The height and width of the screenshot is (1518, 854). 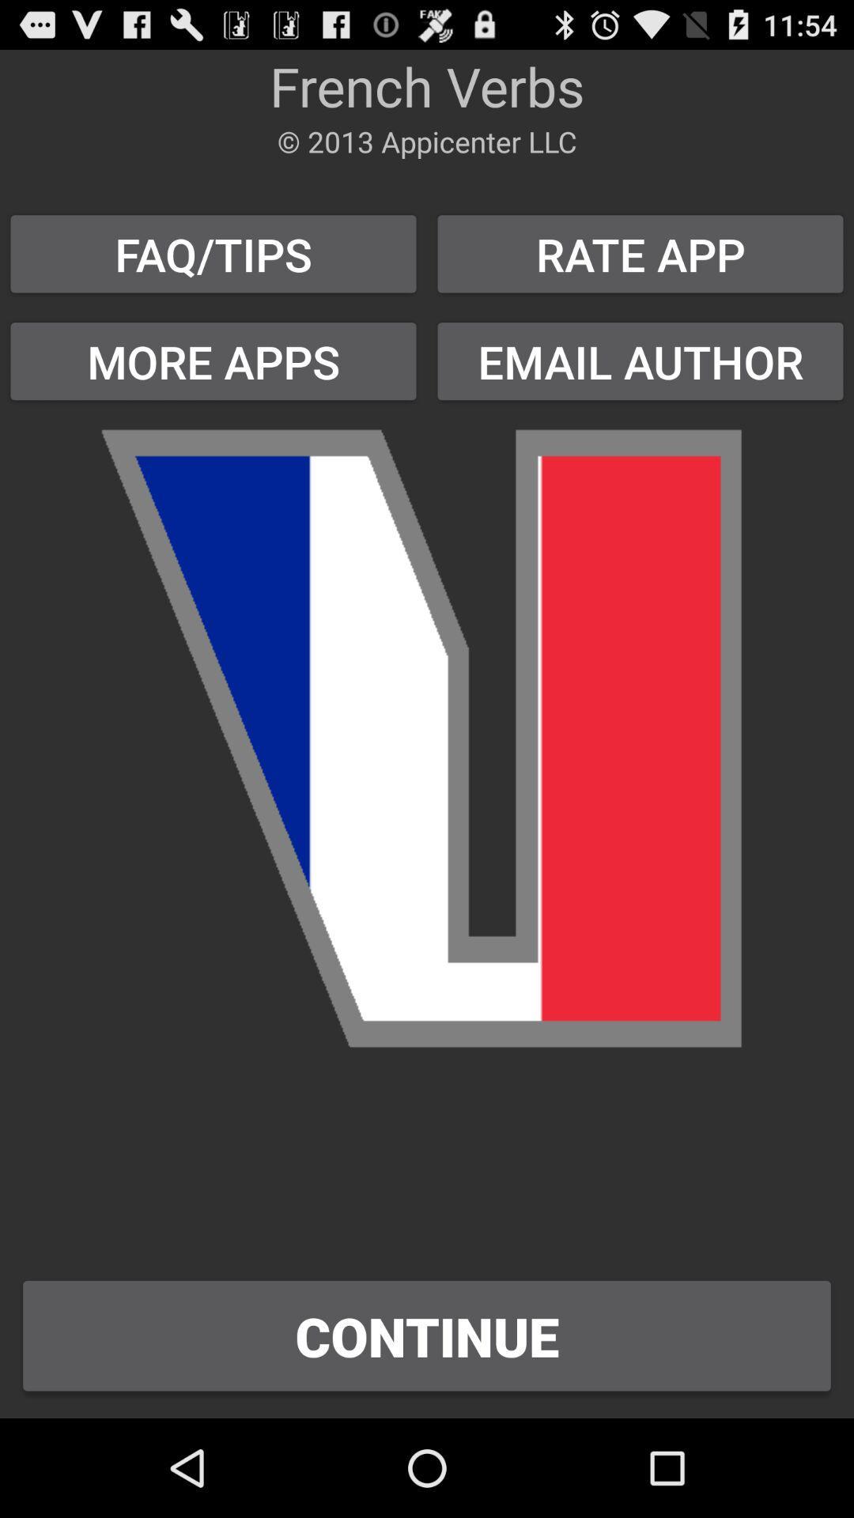 I want to click on the button next to the faq/tips, so click(x=640, y=361).